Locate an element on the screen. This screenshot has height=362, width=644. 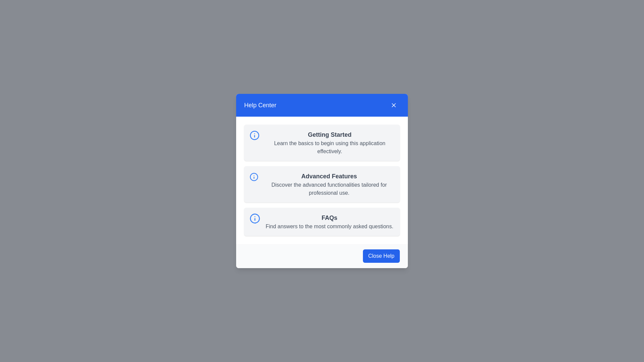
the second Information Card in the Help Center modal, positioned below the 'Getting Started' card and above the 'FAQs' card, which offers details about the 'Advanced Features' section is located at coordinates (322, 184).